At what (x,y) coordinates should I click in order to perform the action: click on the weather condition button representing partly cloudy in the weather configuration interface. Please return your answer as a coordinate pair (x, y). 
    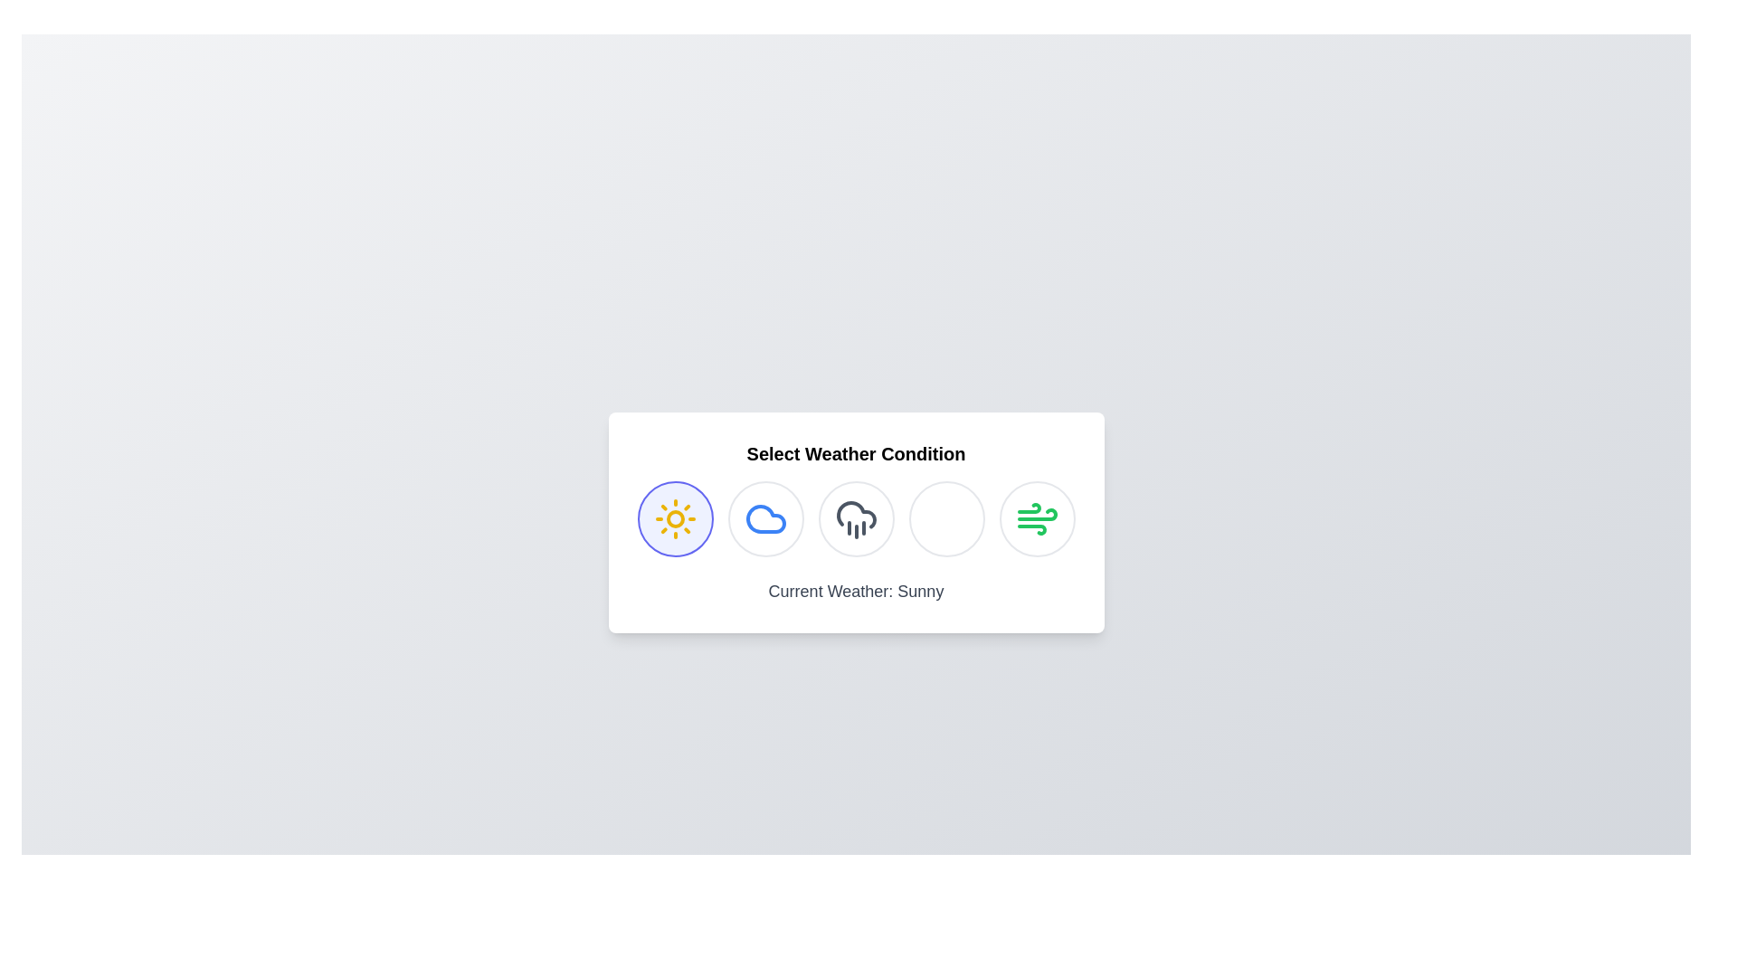
    Looking at the image, I should click on (765, 519).